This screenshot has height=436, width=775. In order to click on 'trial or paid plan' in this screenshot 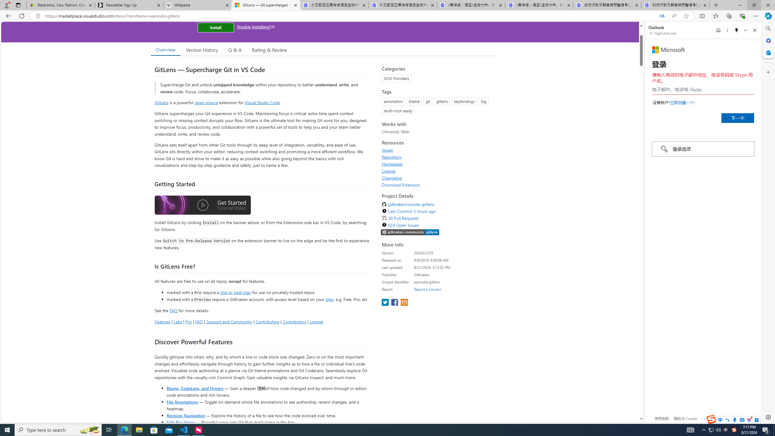, I will do `click(236, 292)`.